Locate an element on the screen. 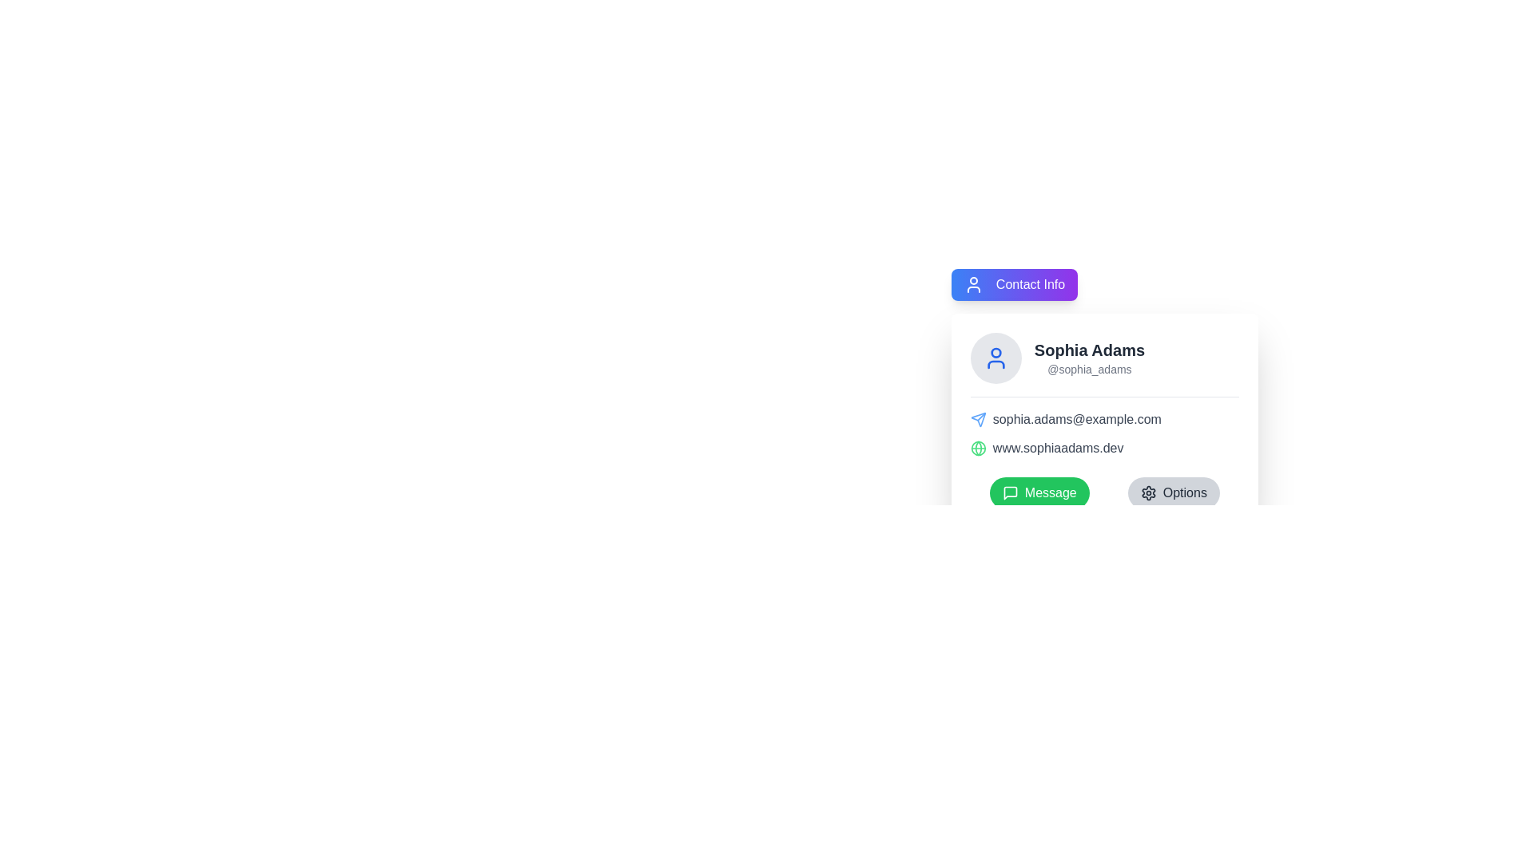 The image size is (1534, 862). the green 'Message' button with a speech bubble icon located at the bottom of the user information card to observe any hover-related feedback is located at coordinates (1039, 492).